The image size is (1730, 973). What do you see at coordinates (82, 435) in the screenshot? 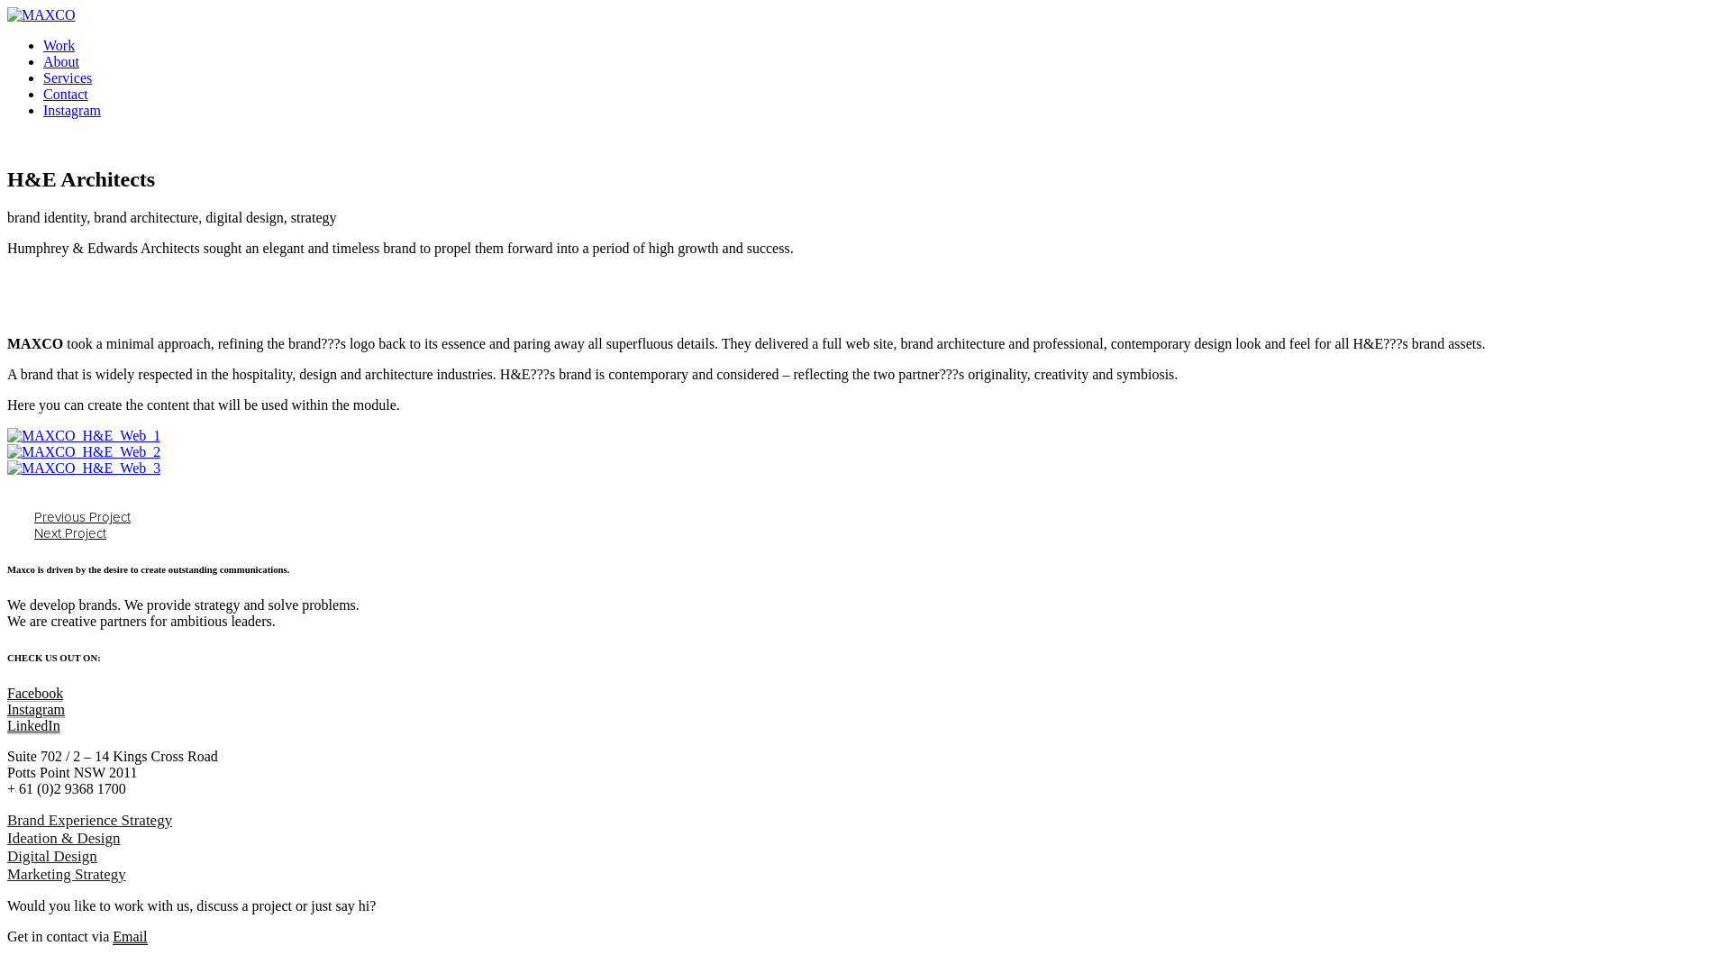
I see `'MAXCO_H&E_Web_1'` at bounding box center [82, 435].